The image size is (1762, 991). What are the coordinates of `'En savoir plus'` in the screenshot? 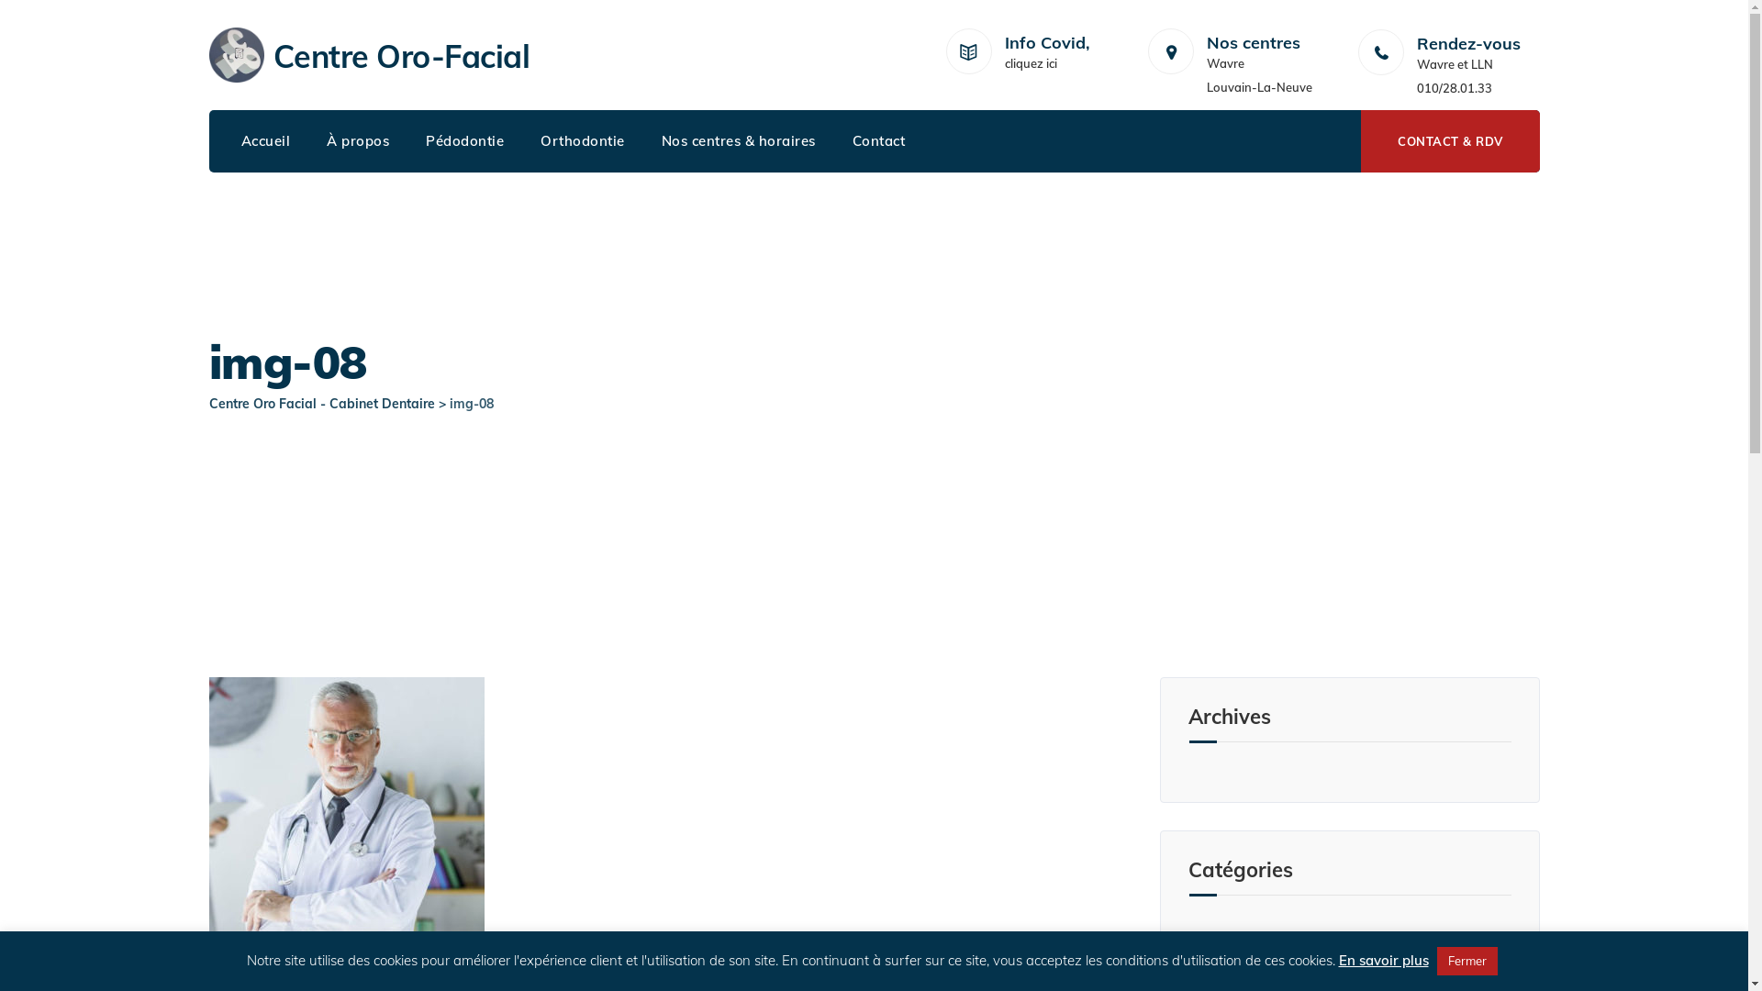 It's located at (1383, 959).